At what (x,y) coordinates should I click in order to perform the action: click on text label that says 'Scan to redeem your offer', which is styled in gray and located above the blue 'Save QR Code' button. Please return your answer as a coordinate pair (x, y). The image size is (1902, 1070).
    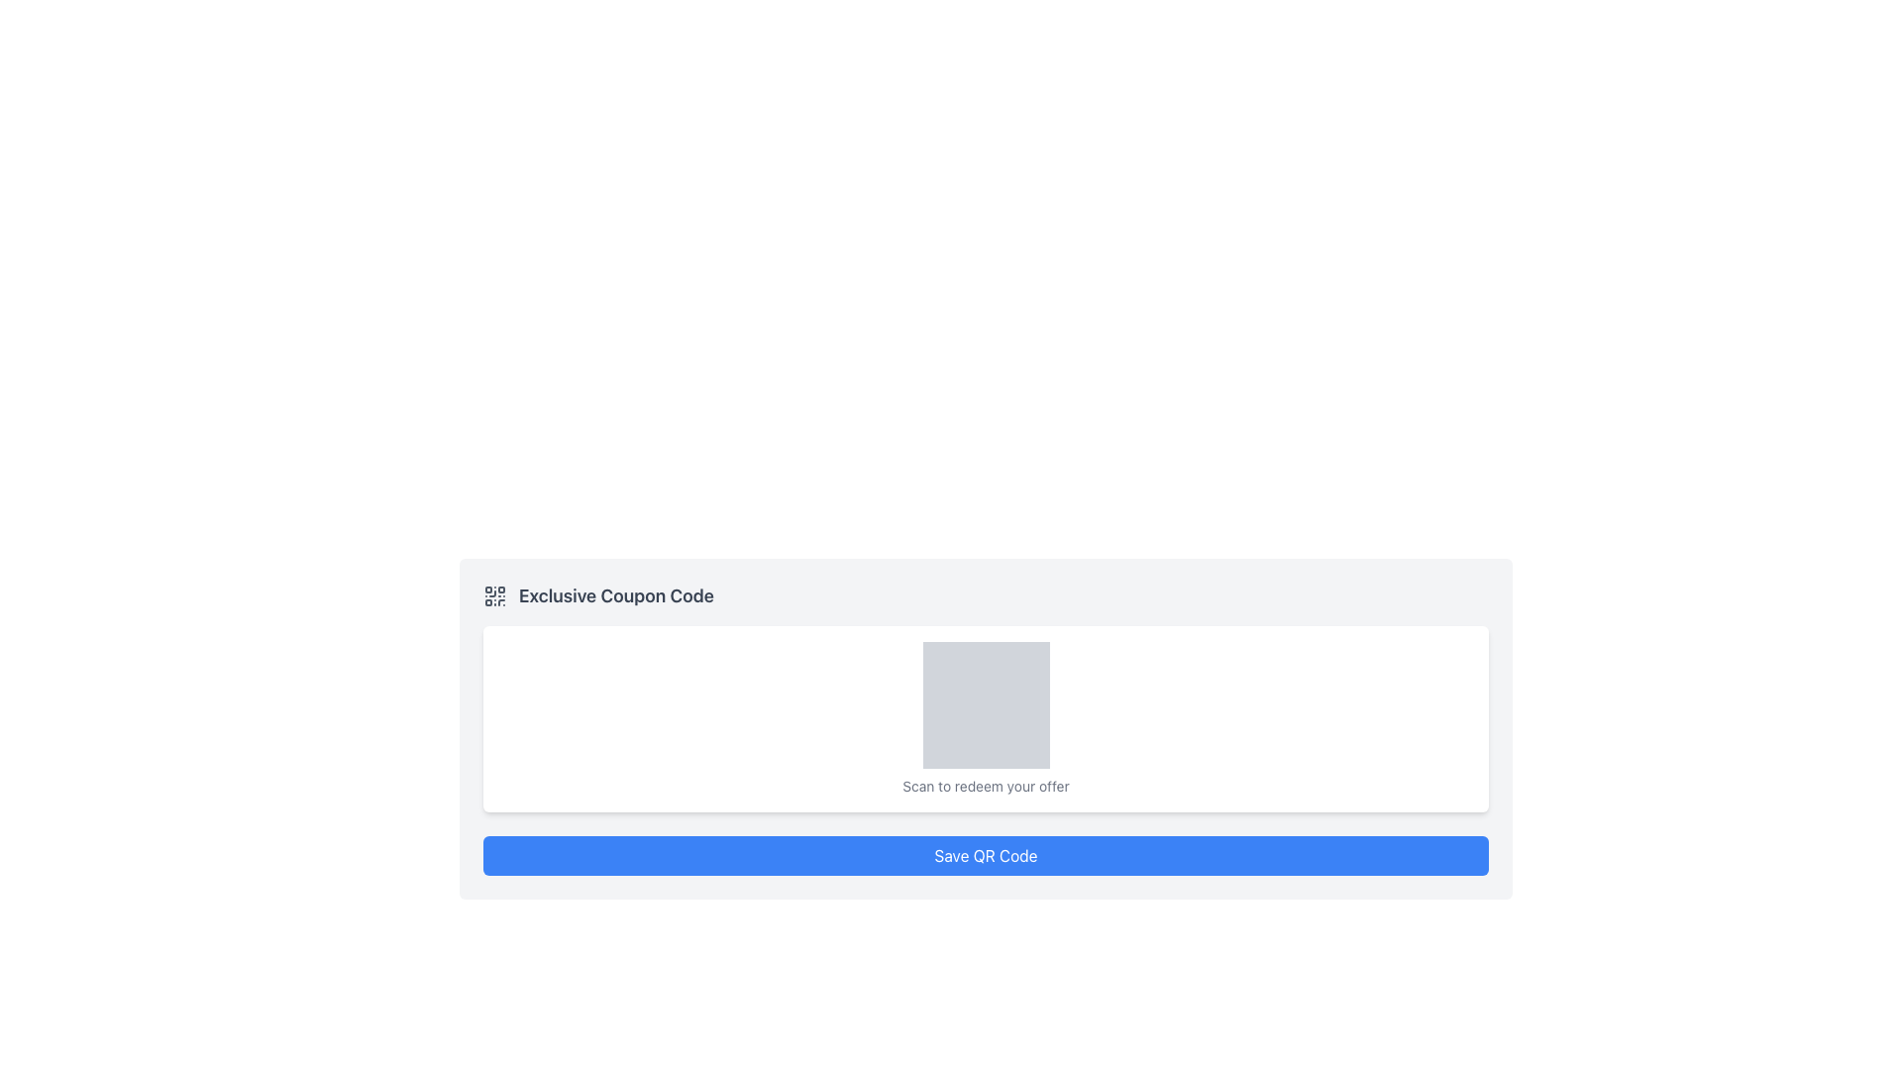
    Looking at the image, I should click on (986, 786).